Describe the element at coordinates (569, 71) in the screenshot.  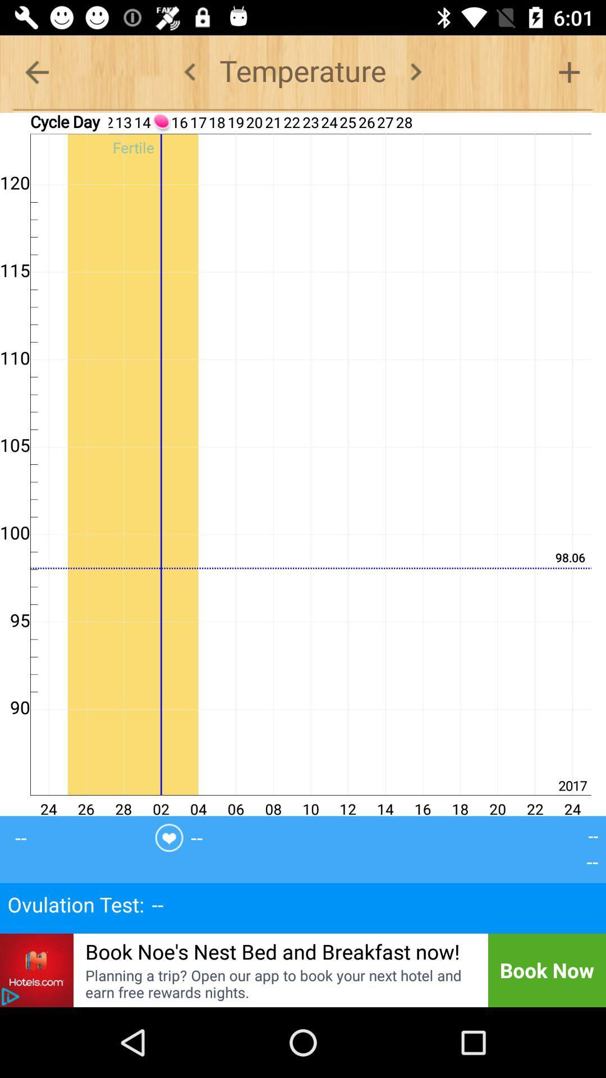
I see `the add icon` at that location.